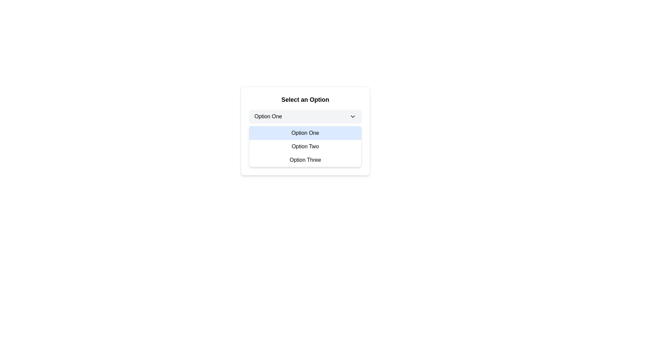 The width and height of the screenshot is (647, 364). What do you see at coordinates (268, 116) in the screenshot?
I see `the text indicating the currently selected option in the dropdown menu for tooltip or highlight effects` at bounding box center [268, 116].